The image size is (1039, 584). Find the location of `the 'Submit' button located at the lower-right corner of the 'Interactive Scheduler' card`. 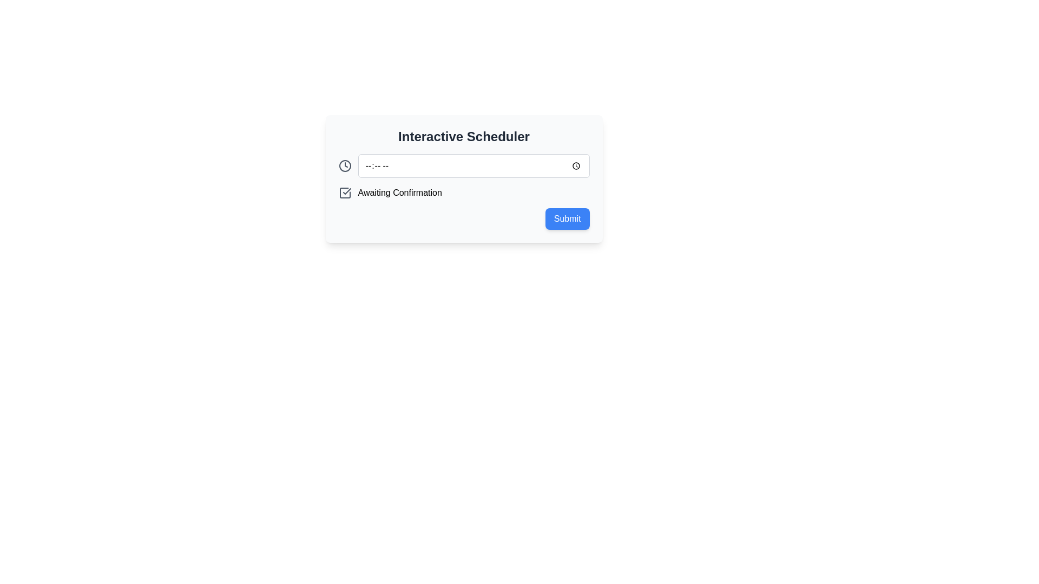

the 'Submit' button located at the lower-right corner of the 'Interactive Scheduler' card is located at coordinates (567, 219).